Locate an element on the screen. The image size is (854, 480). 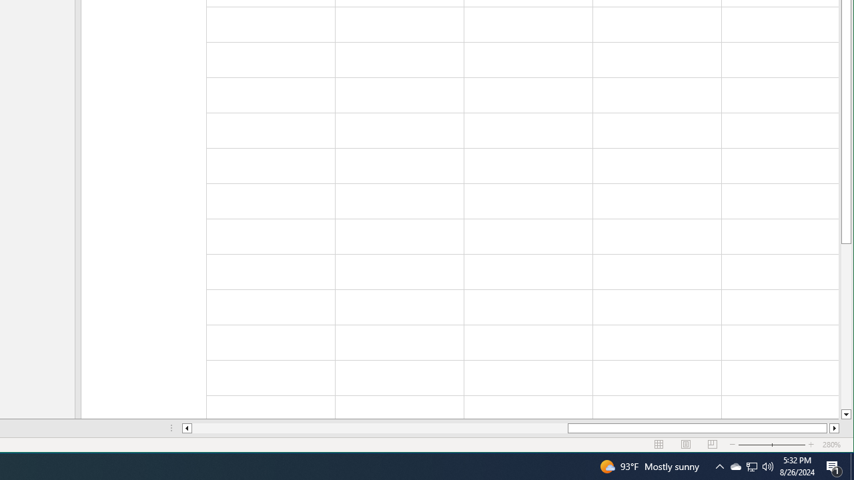
'Page Break Preview' is located at coordinates (712, 445).